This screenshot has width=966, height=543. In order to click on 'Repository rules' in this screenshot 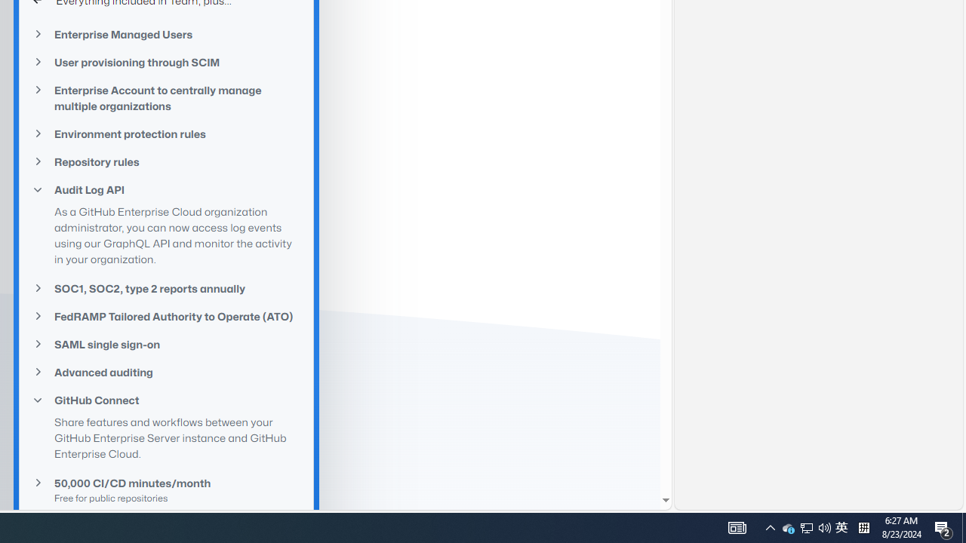, I will do `click(166, 161)`.